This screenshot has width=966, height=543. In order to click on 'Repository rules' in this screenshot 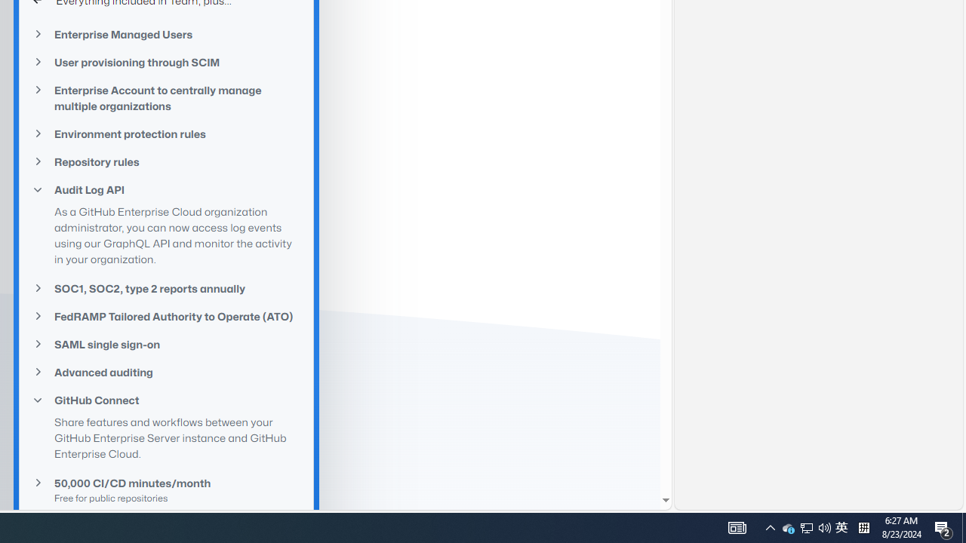, I will do `click(166, 161)`.